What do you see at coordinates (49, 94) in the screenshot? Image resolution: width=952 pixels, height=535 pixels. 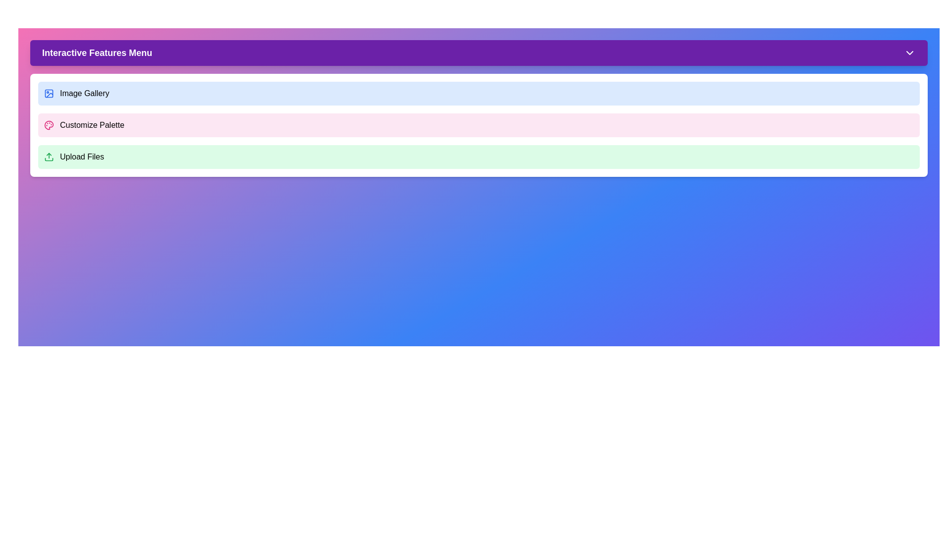 I see `the icon associated with Image Gallery` at bounding box center [49, 94].